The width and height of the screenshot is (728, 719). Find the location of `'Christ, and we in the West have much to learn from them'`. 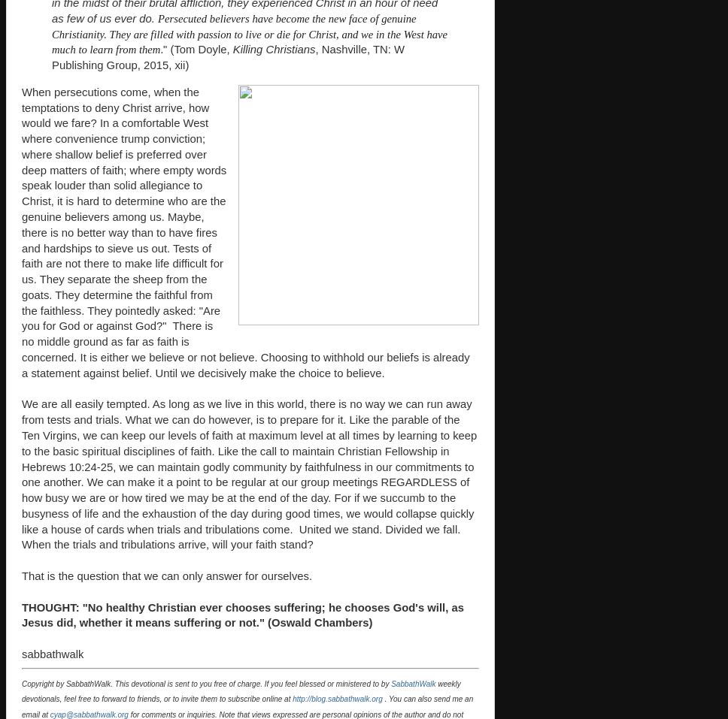

'Christ, and we in the West have much to learn from them' is located at coordinates (250, 41).